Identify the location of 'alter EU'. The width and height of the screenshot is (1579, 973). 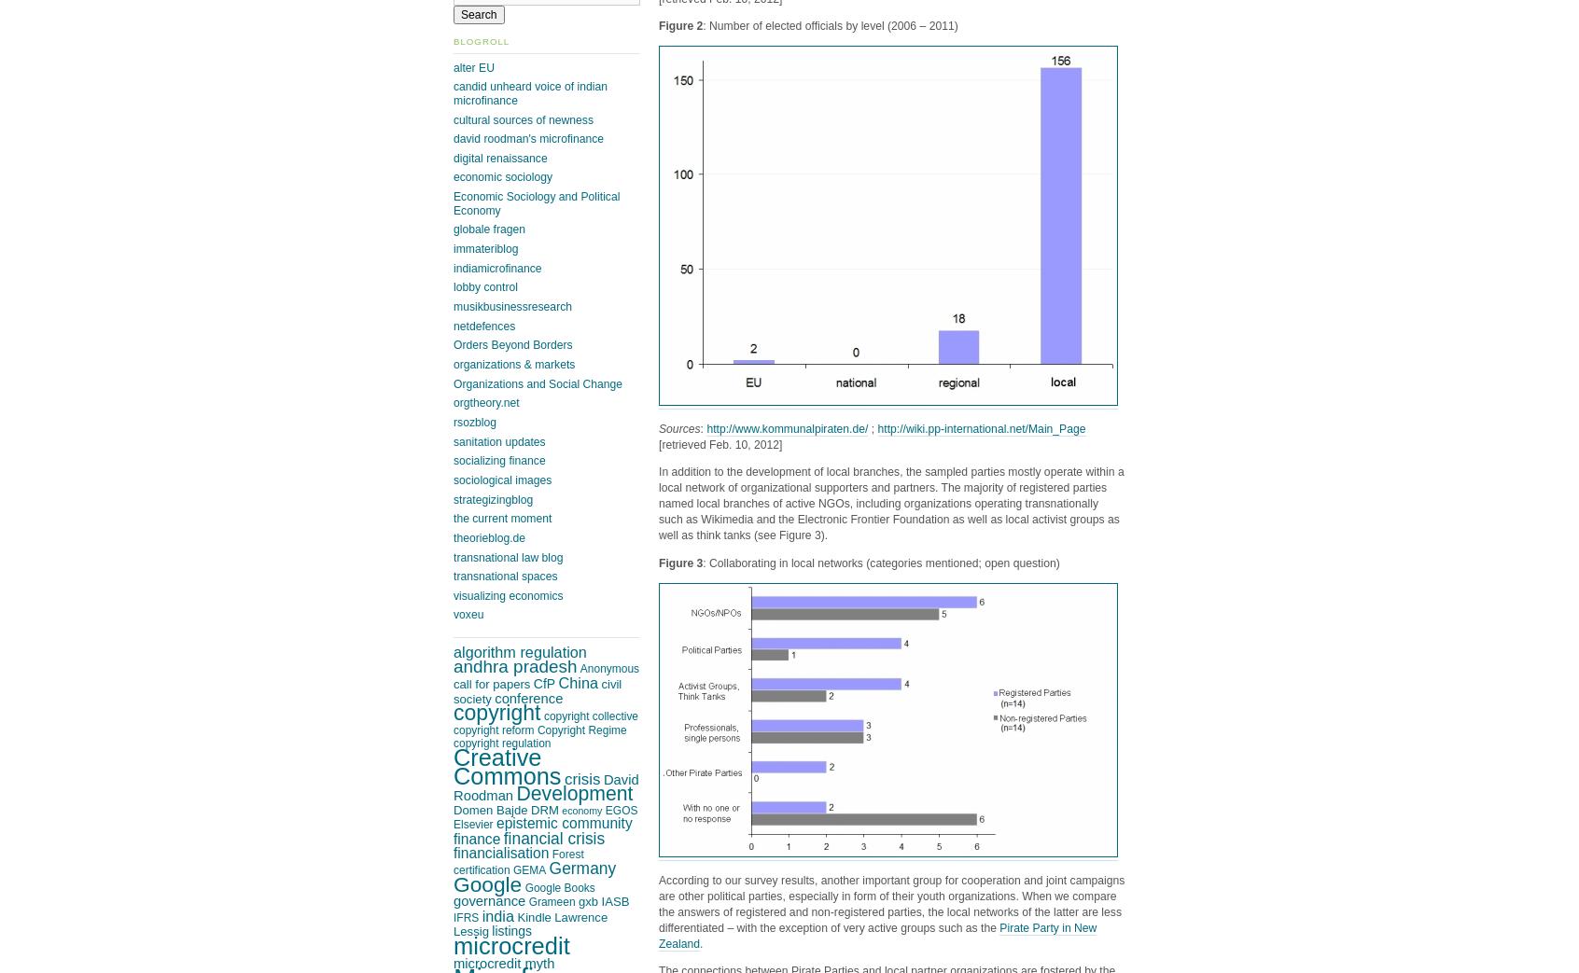
(473, 65).